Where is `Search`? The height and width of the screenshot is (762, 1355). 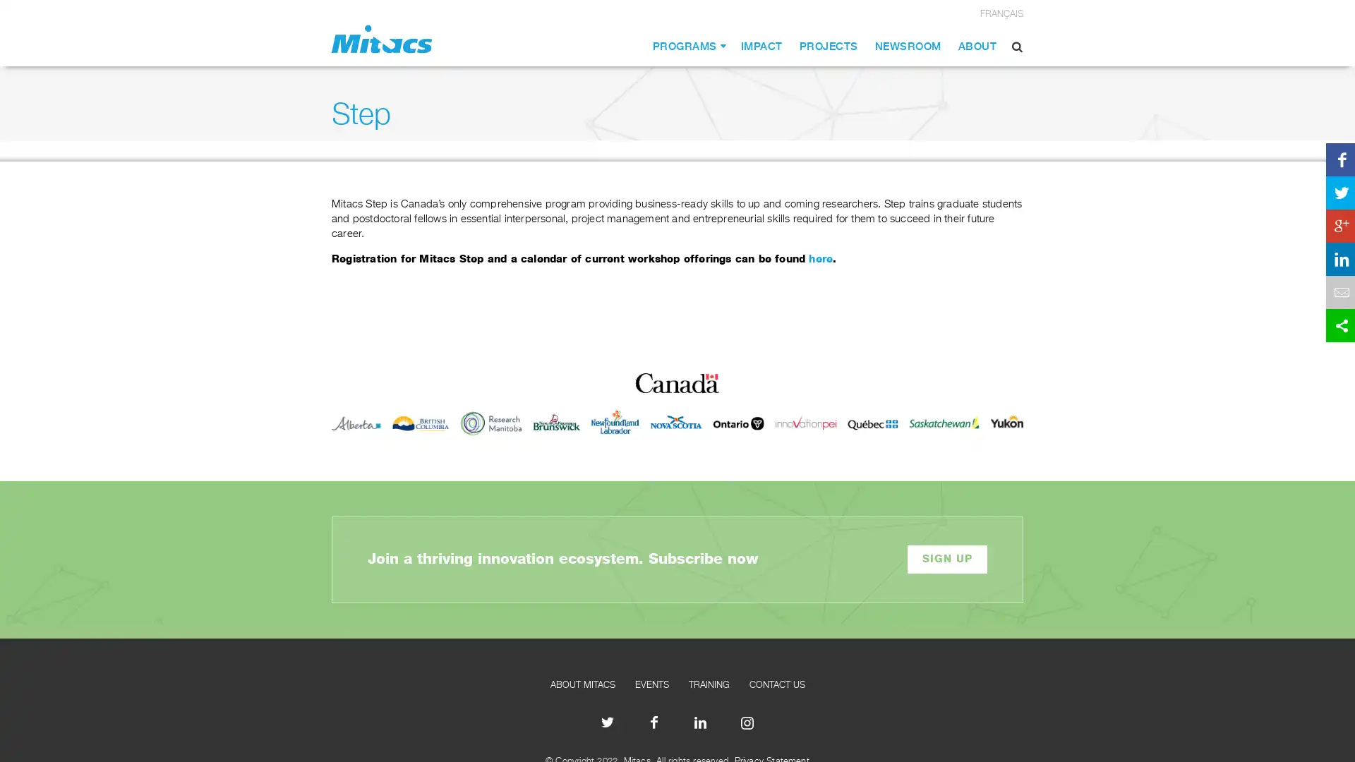
Search is located at coordinates (1017, 46).